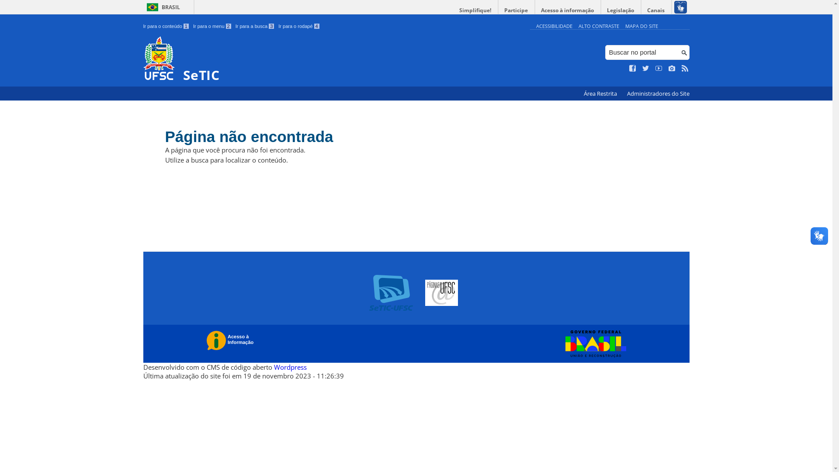 The width and height of the screenshot is (839, 472). I want to click on 'MAPA DO SITE', so click(624, 25).